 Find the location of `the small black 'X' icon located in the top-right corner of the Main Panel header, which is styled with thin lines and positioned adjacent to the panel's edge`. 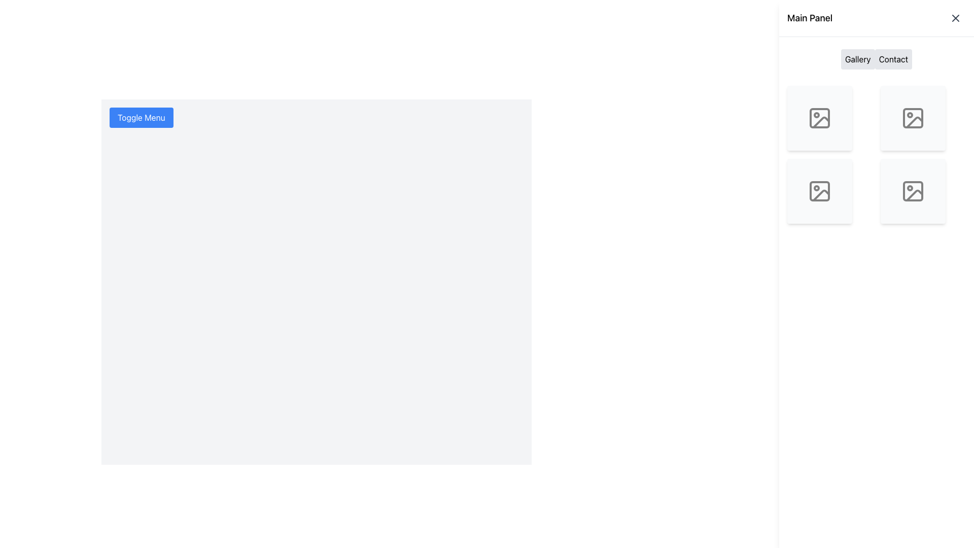

the small black 'X' icon located in the top-right corner of the Main Panel header, which is styled with thin lines and positioned adjacent to the panel's edge is located at coordinates (955, 18).